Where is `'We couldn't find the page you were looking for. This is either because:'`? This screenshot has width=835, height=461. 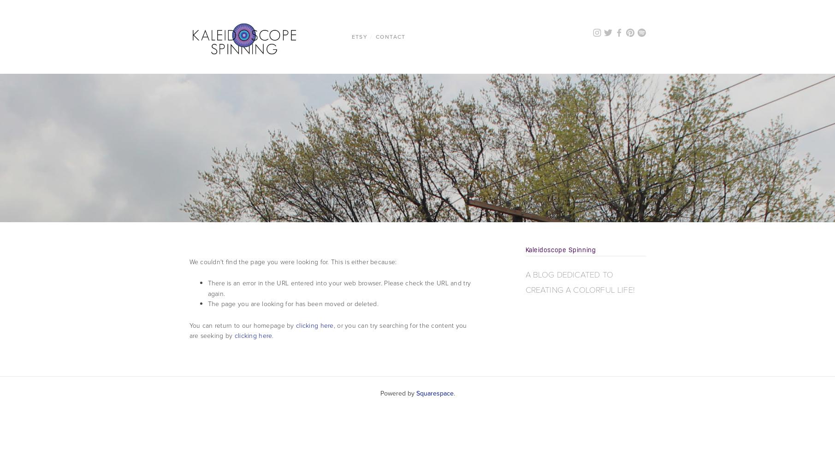
'We couldn't find the page you were looking for. This is either because:' is located at coordinates (292, 261).